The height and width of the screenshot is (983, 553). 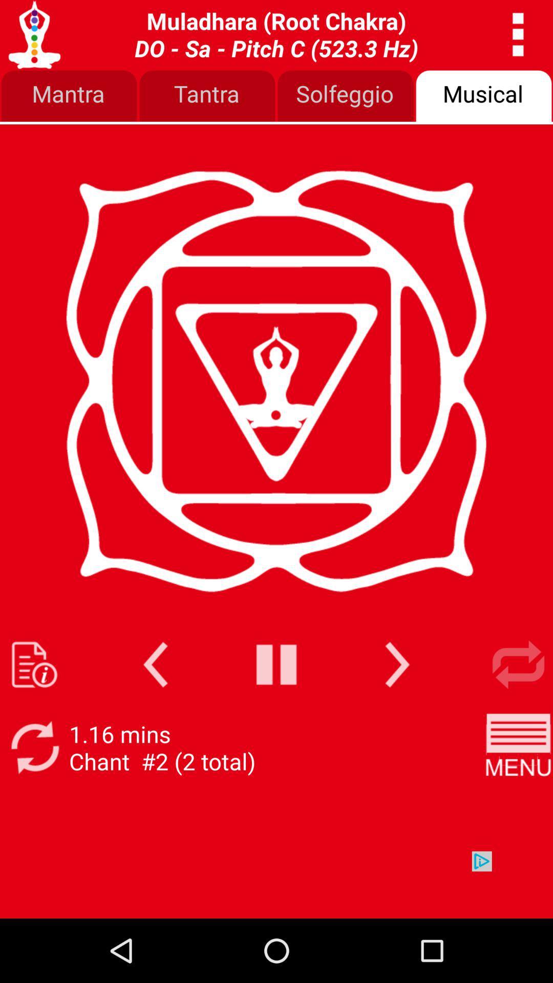 I want to click on icon to the right of the 1 17 mins item, so click(x=518, y=747).